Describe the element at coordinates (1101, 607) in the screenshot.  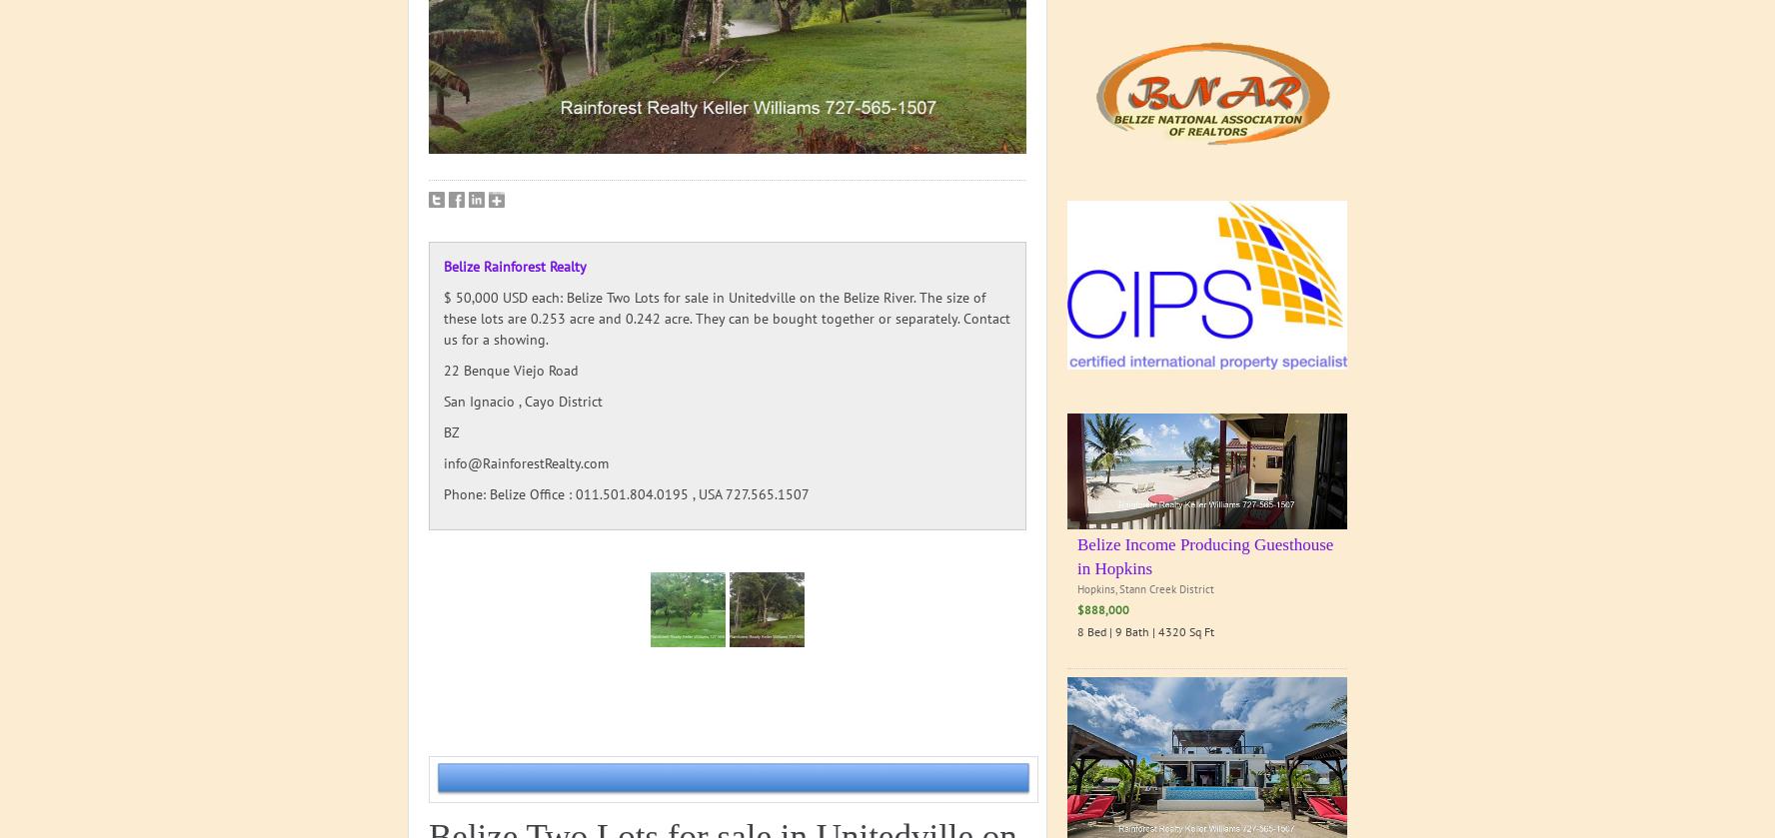
I see `'$888,000'` at that location.